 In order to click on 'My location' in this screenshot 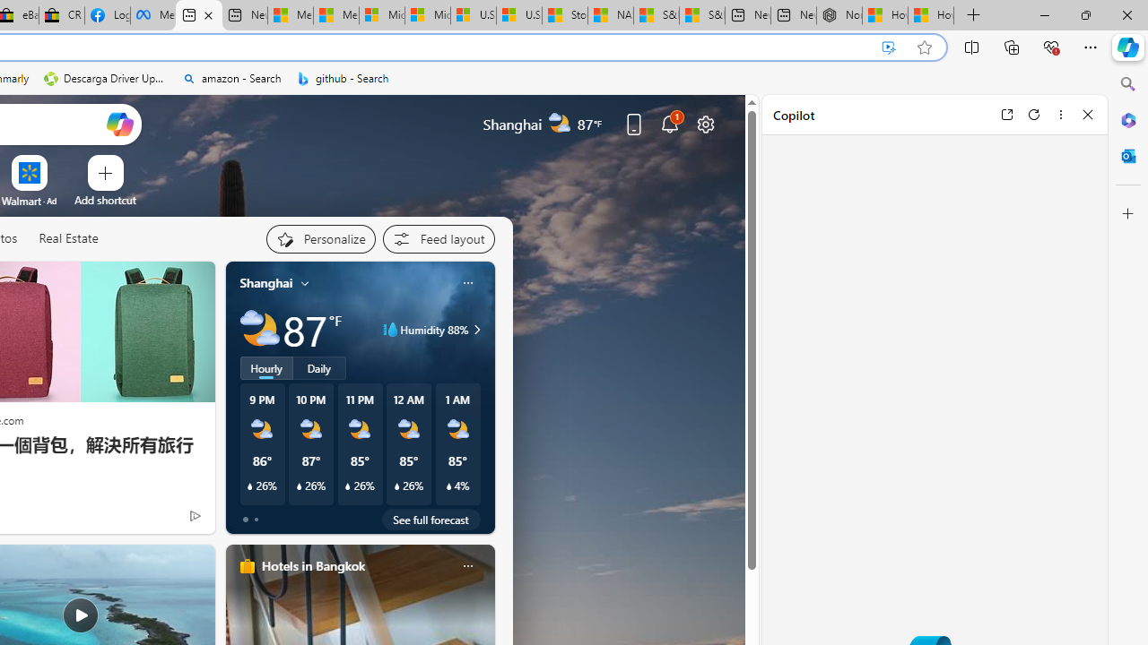, I will do `click(305, 282)`.